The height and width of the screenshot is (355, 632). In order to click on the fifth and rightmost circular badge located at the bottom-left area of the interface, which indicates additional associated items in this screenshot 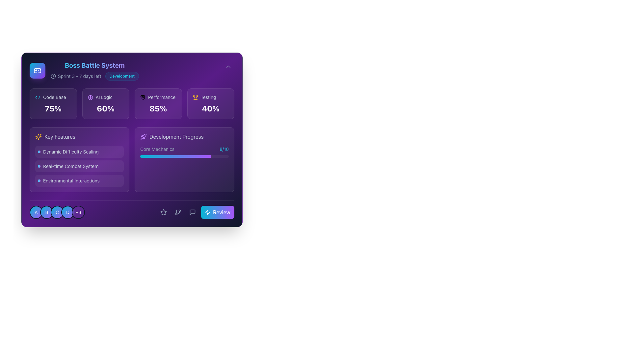, I will do `click(78, 212)`.